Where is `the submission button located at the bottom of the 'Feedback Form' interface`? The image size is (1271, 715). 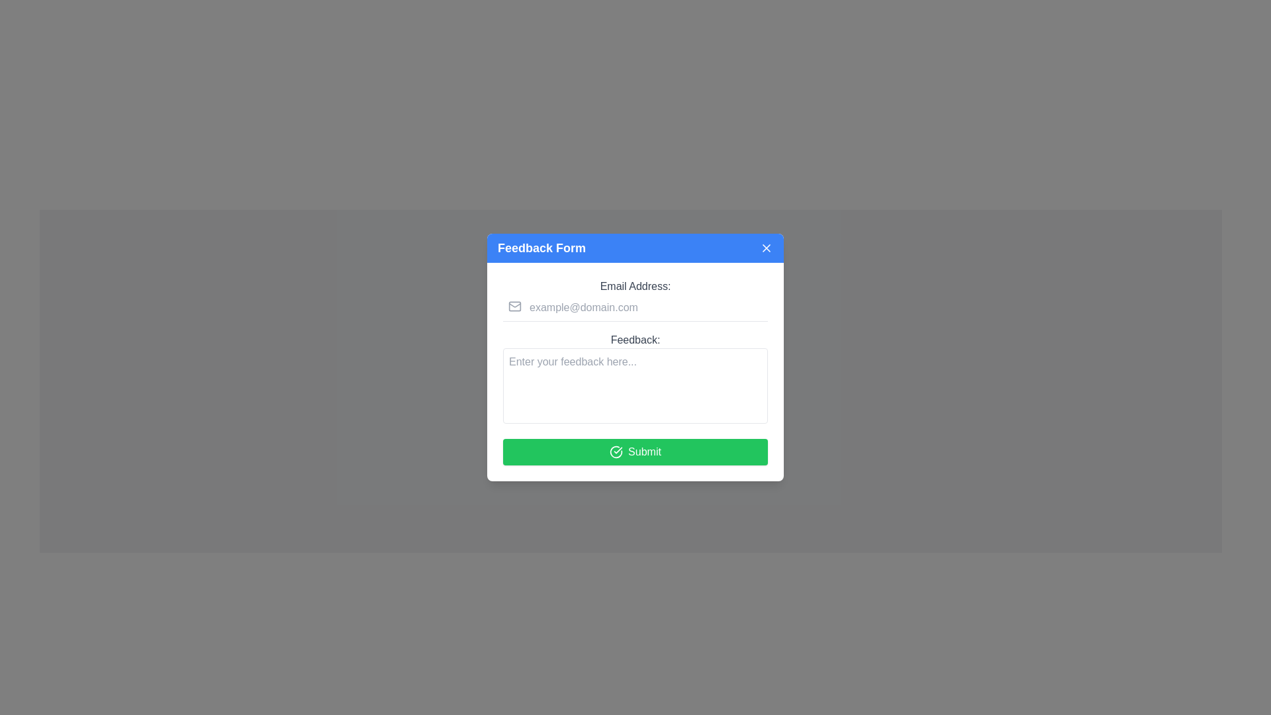
the submission button located at the bottom of the 'Feedback Form' interface is located at coordinates (635, 451).